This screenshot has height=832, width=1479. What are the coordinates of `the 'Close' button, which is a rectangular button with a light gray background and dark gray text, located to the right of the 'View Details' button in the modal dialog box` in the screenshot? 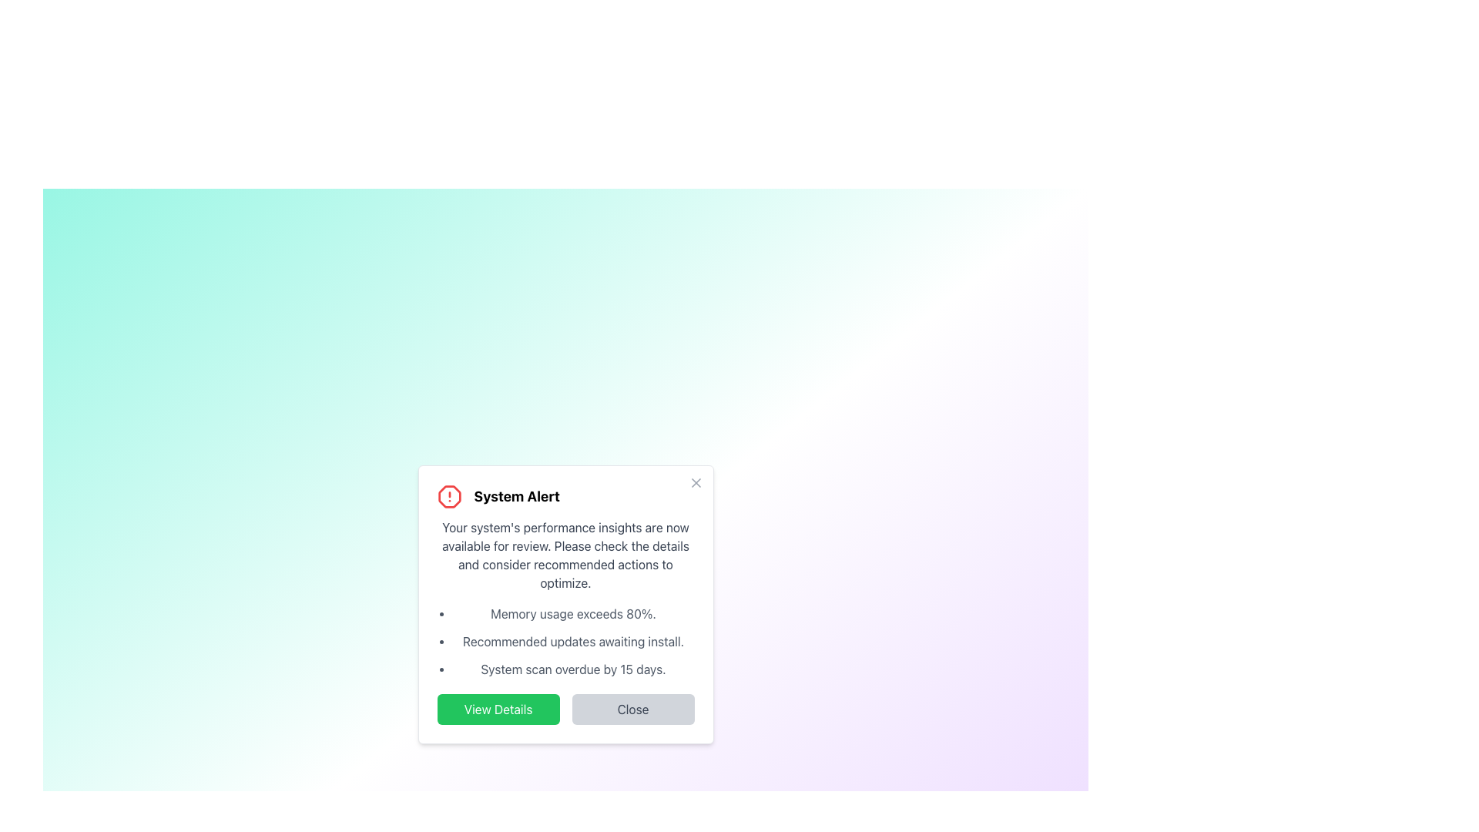 It's located at (632, 710).